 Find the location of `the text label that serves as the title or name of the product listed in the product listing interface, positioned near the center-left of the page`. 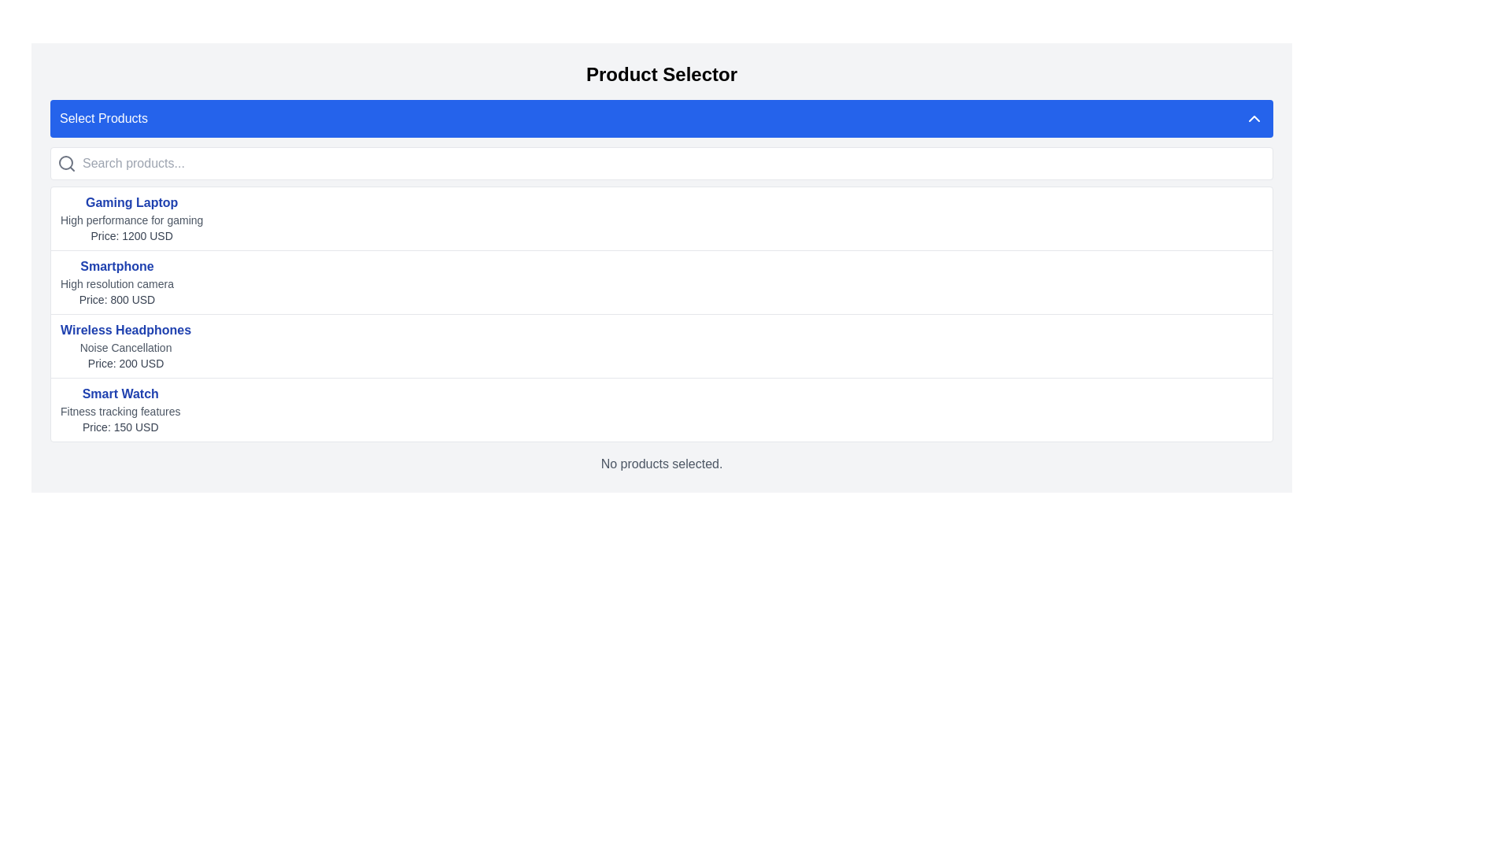

the text label that serves as the title or name of the product listed in the product listing interface, positioned near the center-left of the page is located at coordinates (120, 394).